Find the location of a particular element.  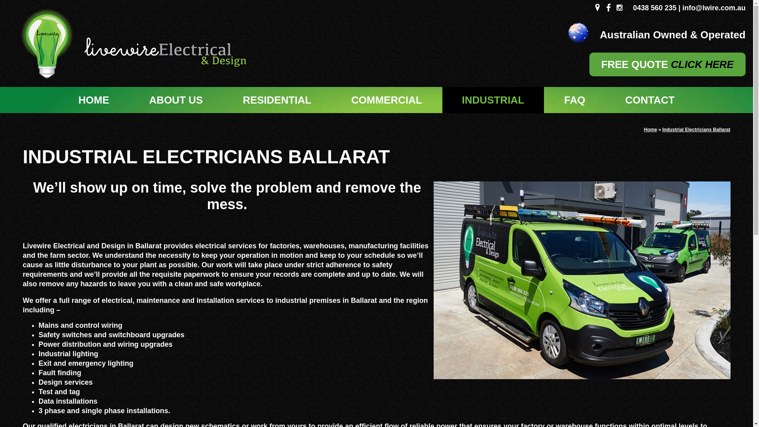

'COMMERCIAL' is located at coordinates (386, 100).